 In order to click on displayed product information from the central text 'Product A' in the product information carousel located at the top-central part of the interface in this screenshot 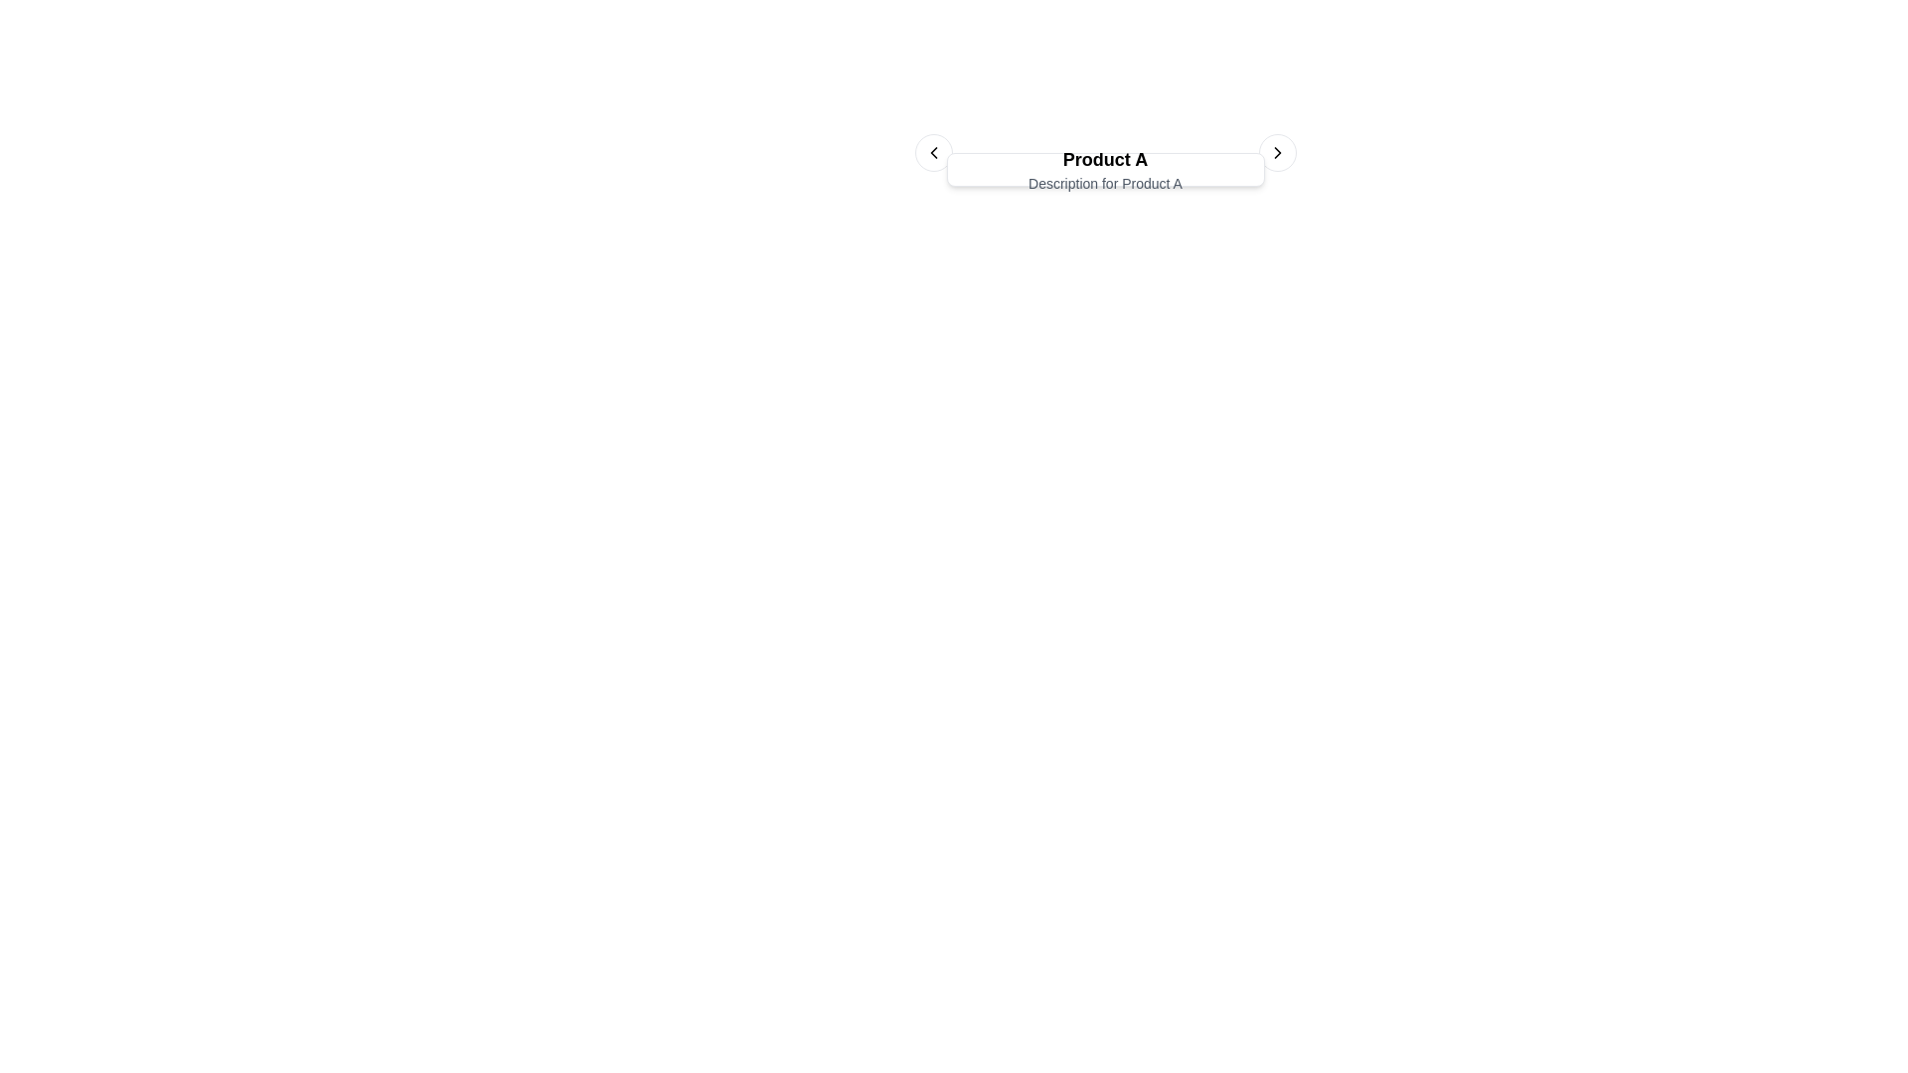, I will do `click(1104, 152)`.